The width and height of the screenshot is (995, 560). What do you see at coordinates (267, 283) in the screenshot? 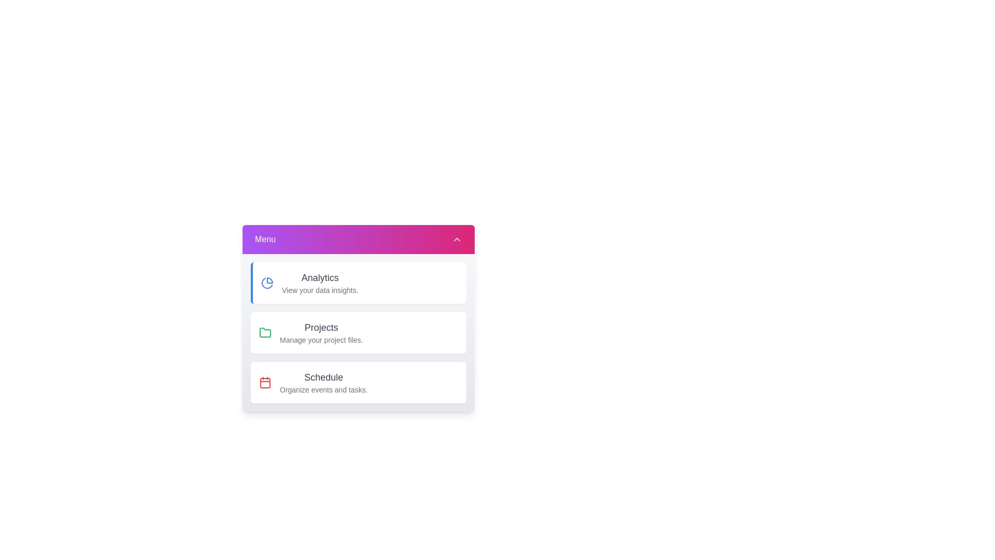
I see `the icon of the menu item labeled Analytics` at bounding box center [267, 283].